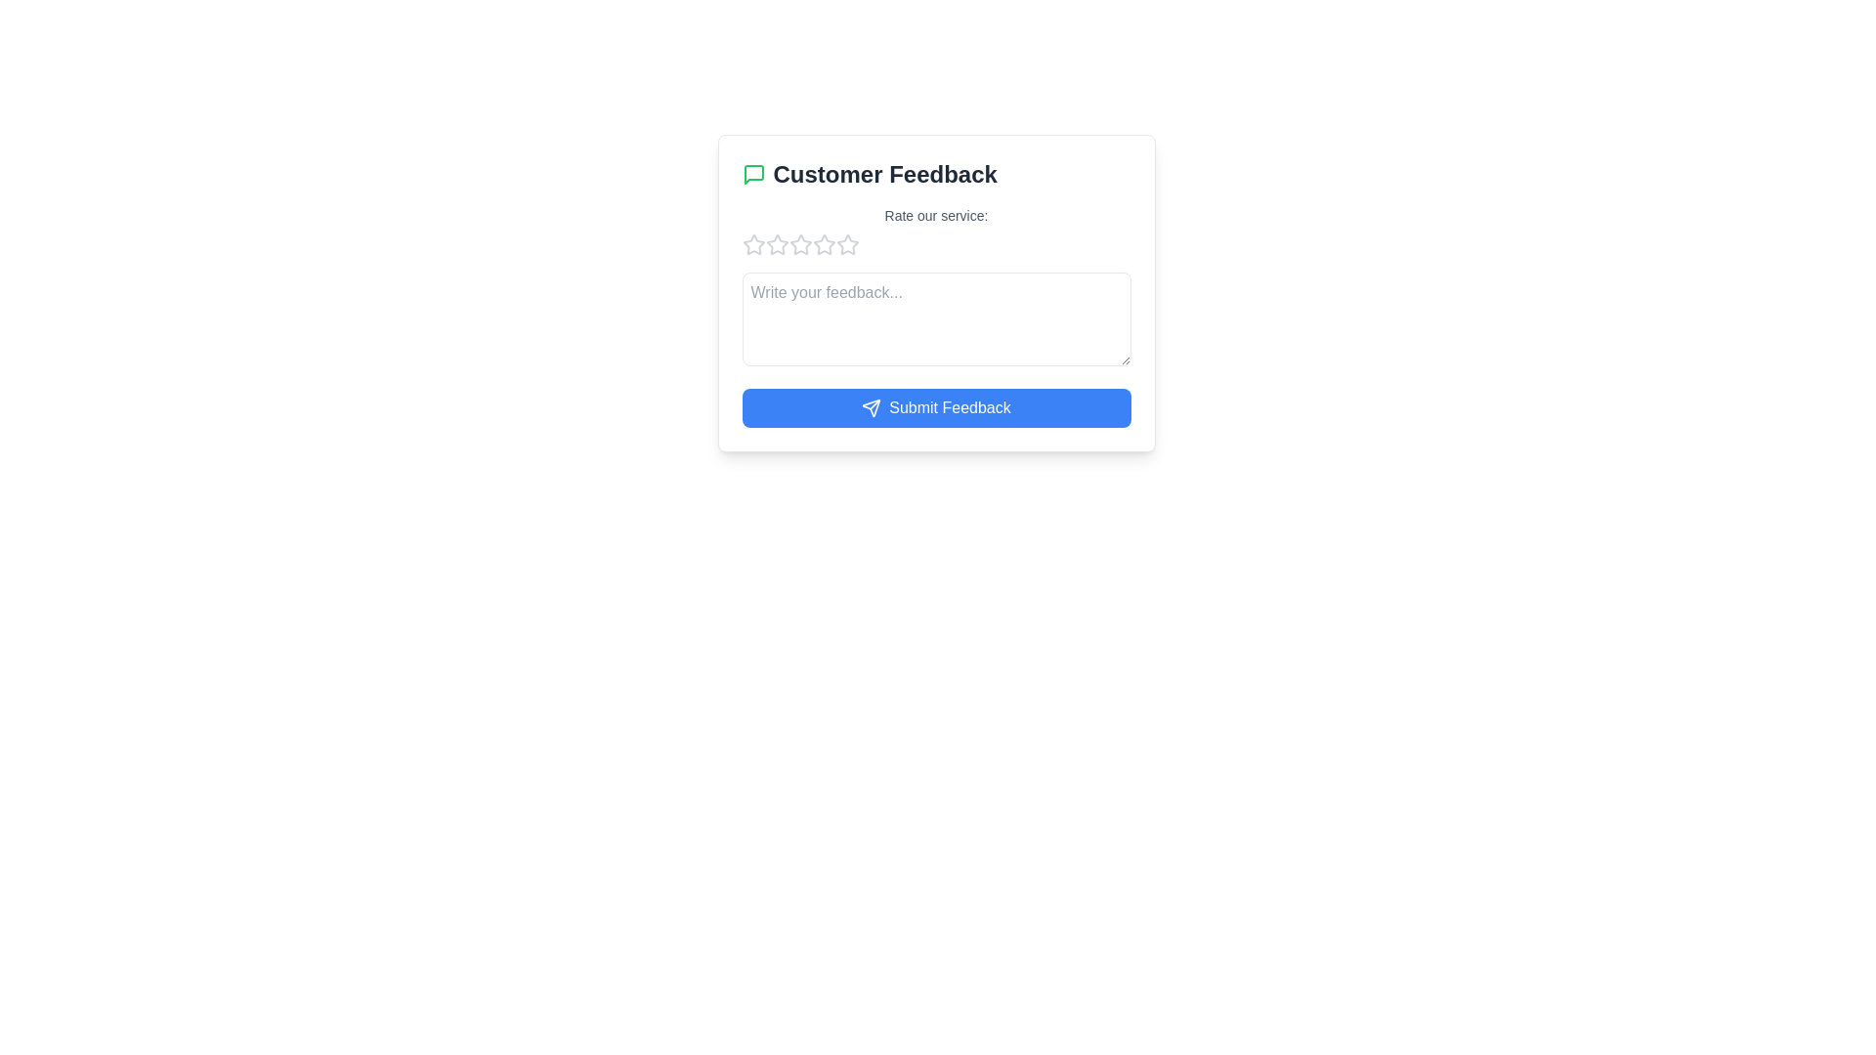 This screenshot has height=1055, width=1876. I want to click on the leftmost star rating icon, which is gray and hollow, to rate one out of five in the user feedback form, so click(752, 243).